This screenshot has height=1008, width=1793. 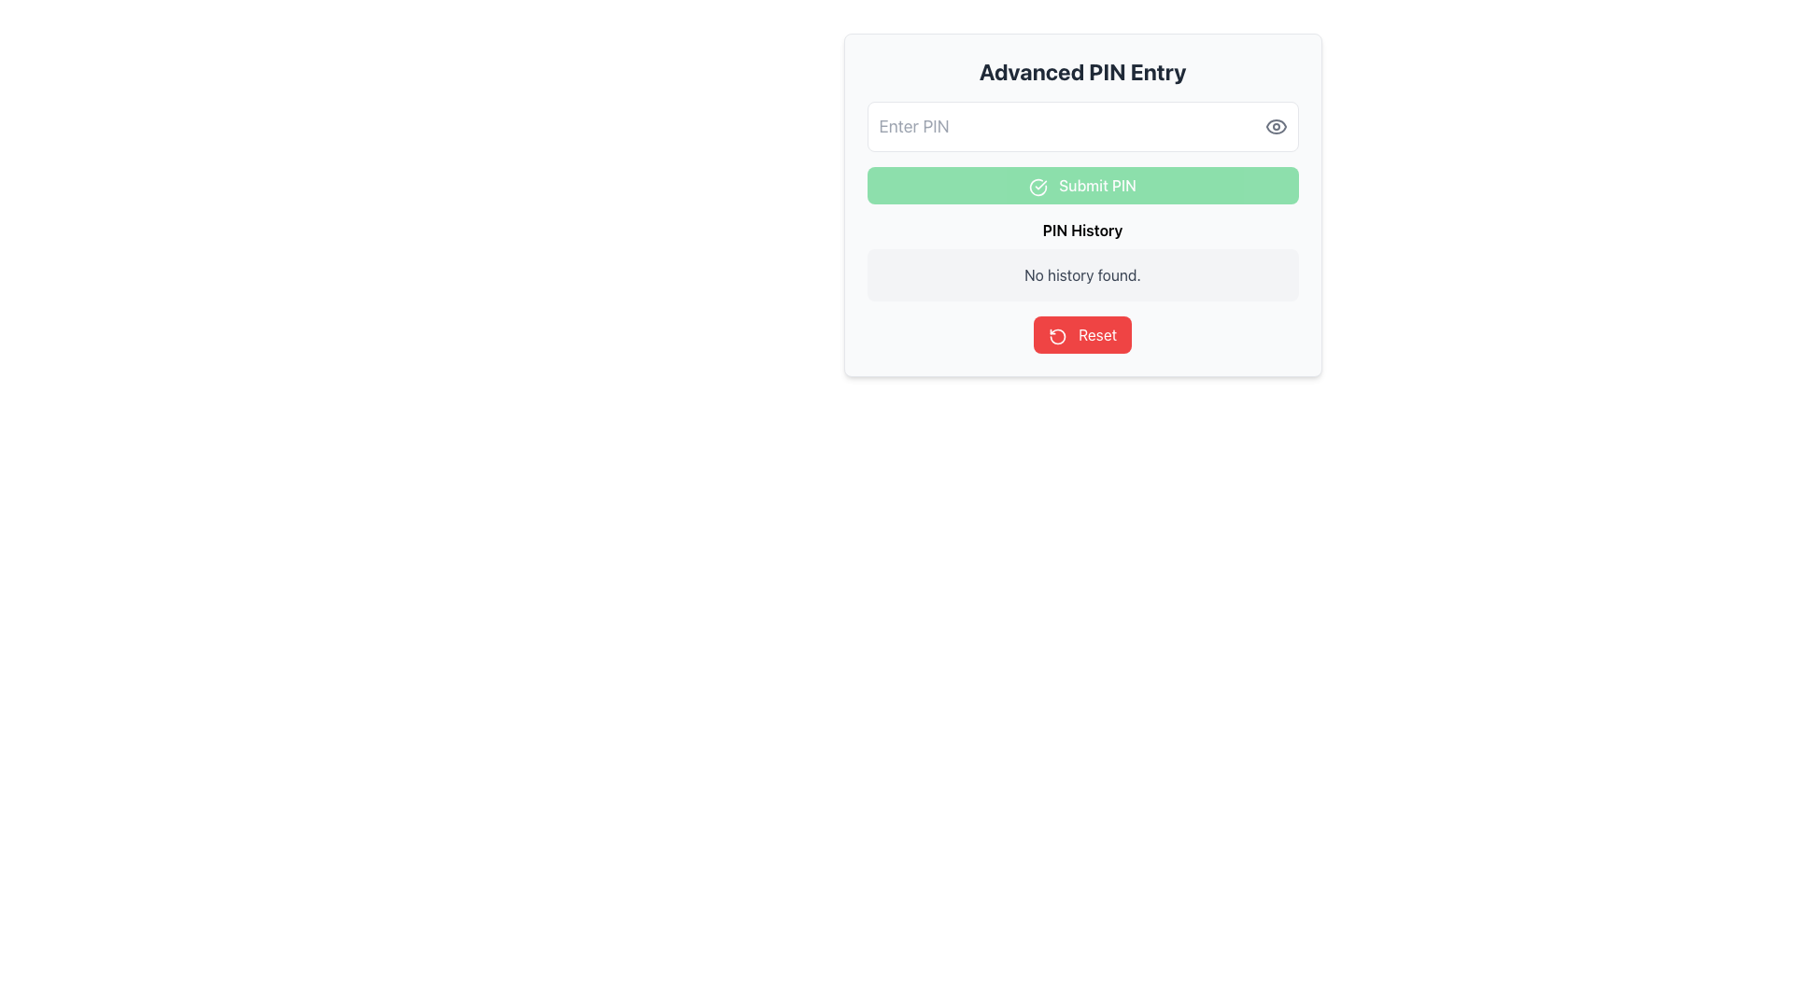 What do you see at coordinates (1082, 259) in the screenshot?
I see `information displayed on the Informational Card that shows 'No history found' regarding PIN history, located within the 'Advanced PIN Entry' card, positioned below the 'Submit PIN' button and above the 'Reset' button` at bounding box center [1082, 259].